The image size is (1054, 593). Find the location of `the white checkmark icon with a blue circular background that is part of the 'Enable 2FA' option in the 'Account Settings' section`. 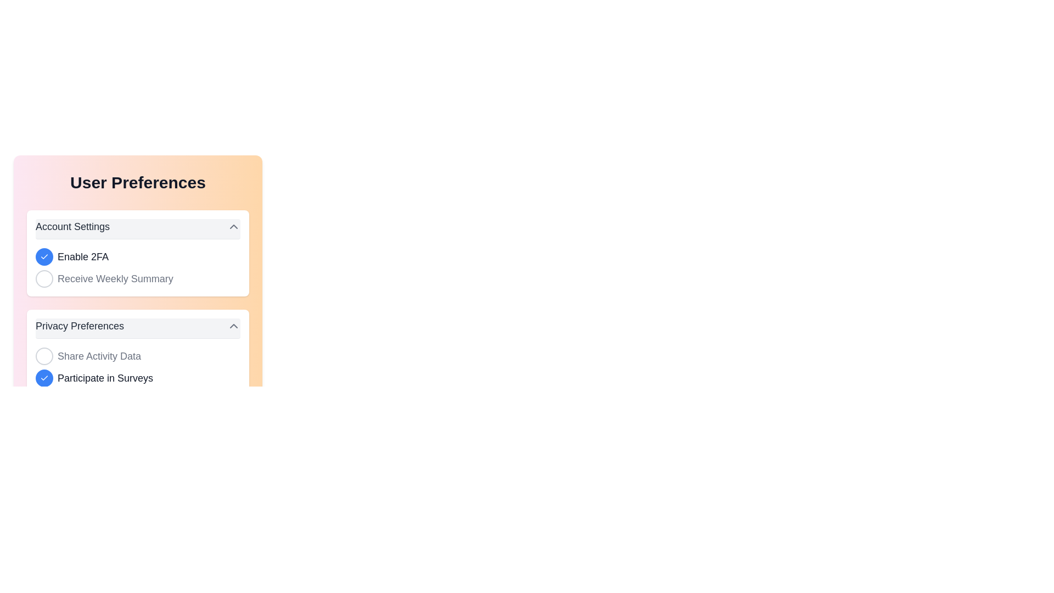

the white checkmark icon with a blue circular background that is part of the 'Enable 2FA' option in the 'Account Settings' section is located at coordinates (44, 256).